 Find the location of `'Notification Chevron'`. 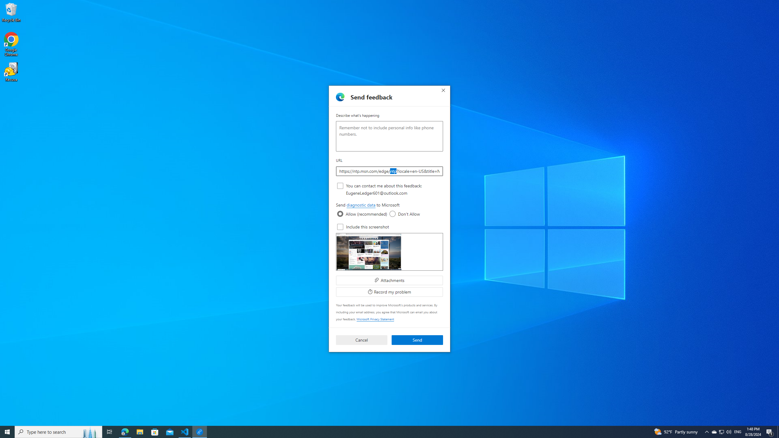

'Notification Chevron' is located at coordinates (707, 431).